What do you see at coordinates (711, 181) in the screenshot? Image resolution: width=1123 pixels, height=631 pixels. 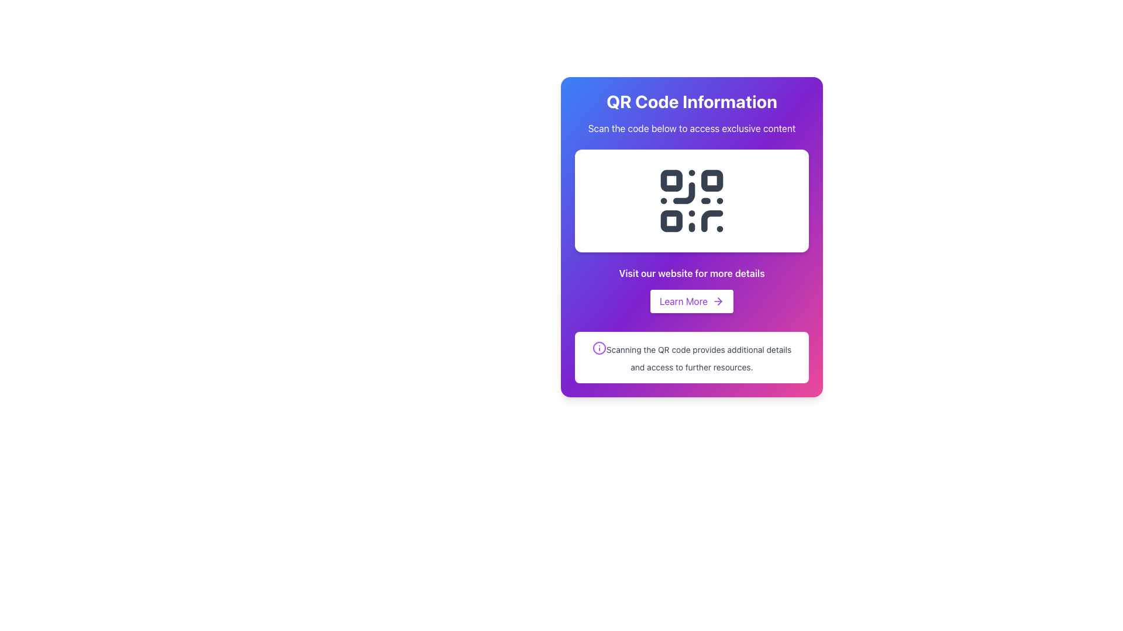 I see `the small square with rounded edges located in the top-right corner of the QR code, styled in a contrasting color to the main QR code elements` at bounding box center [711, 181].